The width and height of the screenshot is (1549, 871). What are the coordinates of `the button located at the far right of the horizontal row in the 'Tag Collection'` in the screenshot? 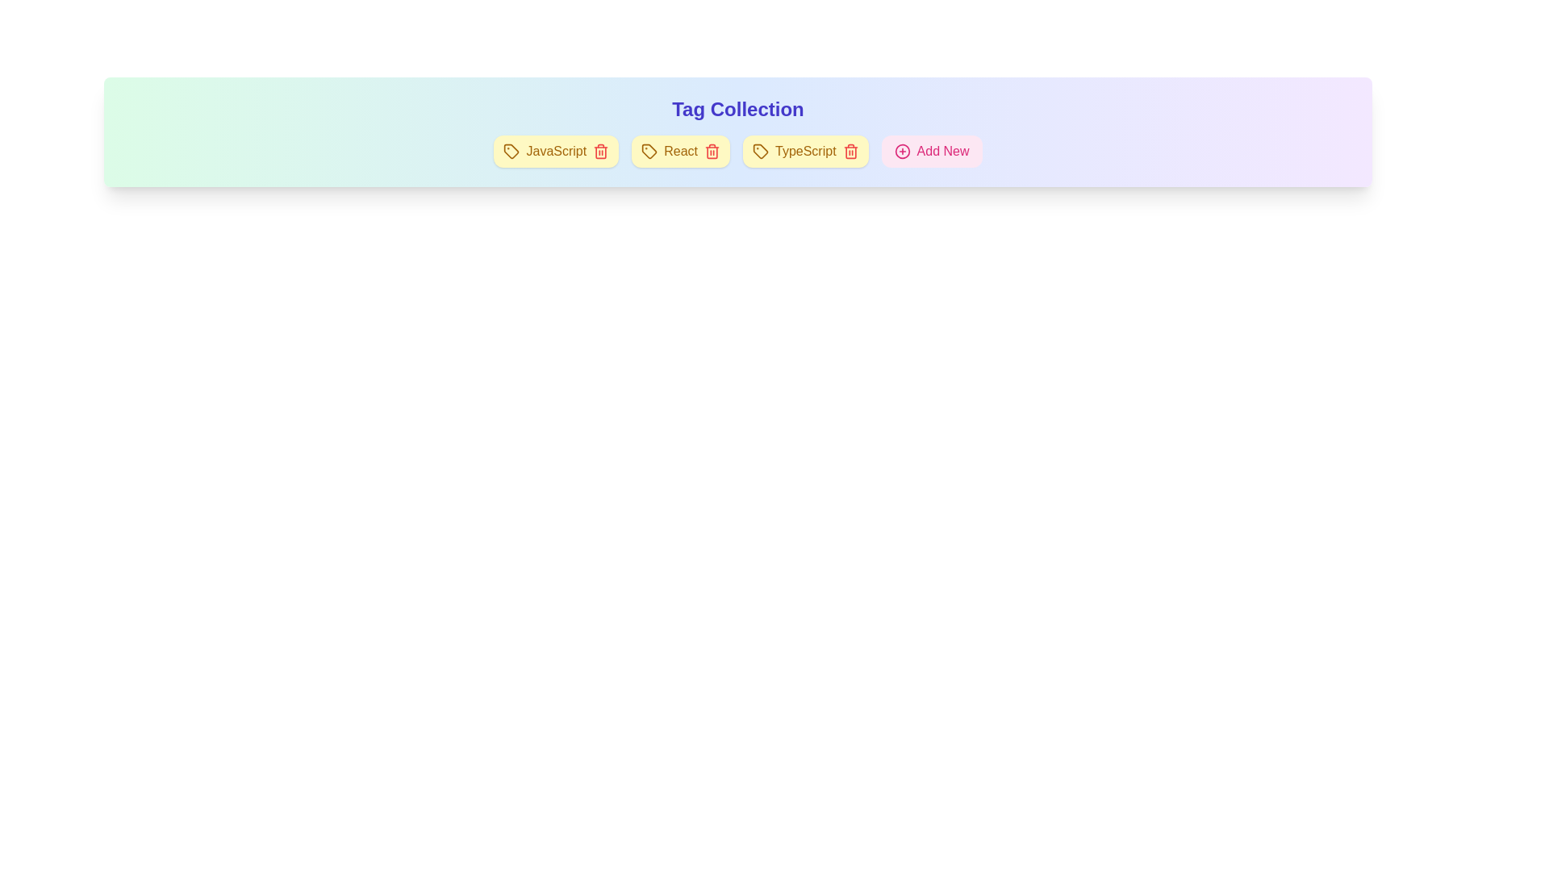 It's located at (932, 152).